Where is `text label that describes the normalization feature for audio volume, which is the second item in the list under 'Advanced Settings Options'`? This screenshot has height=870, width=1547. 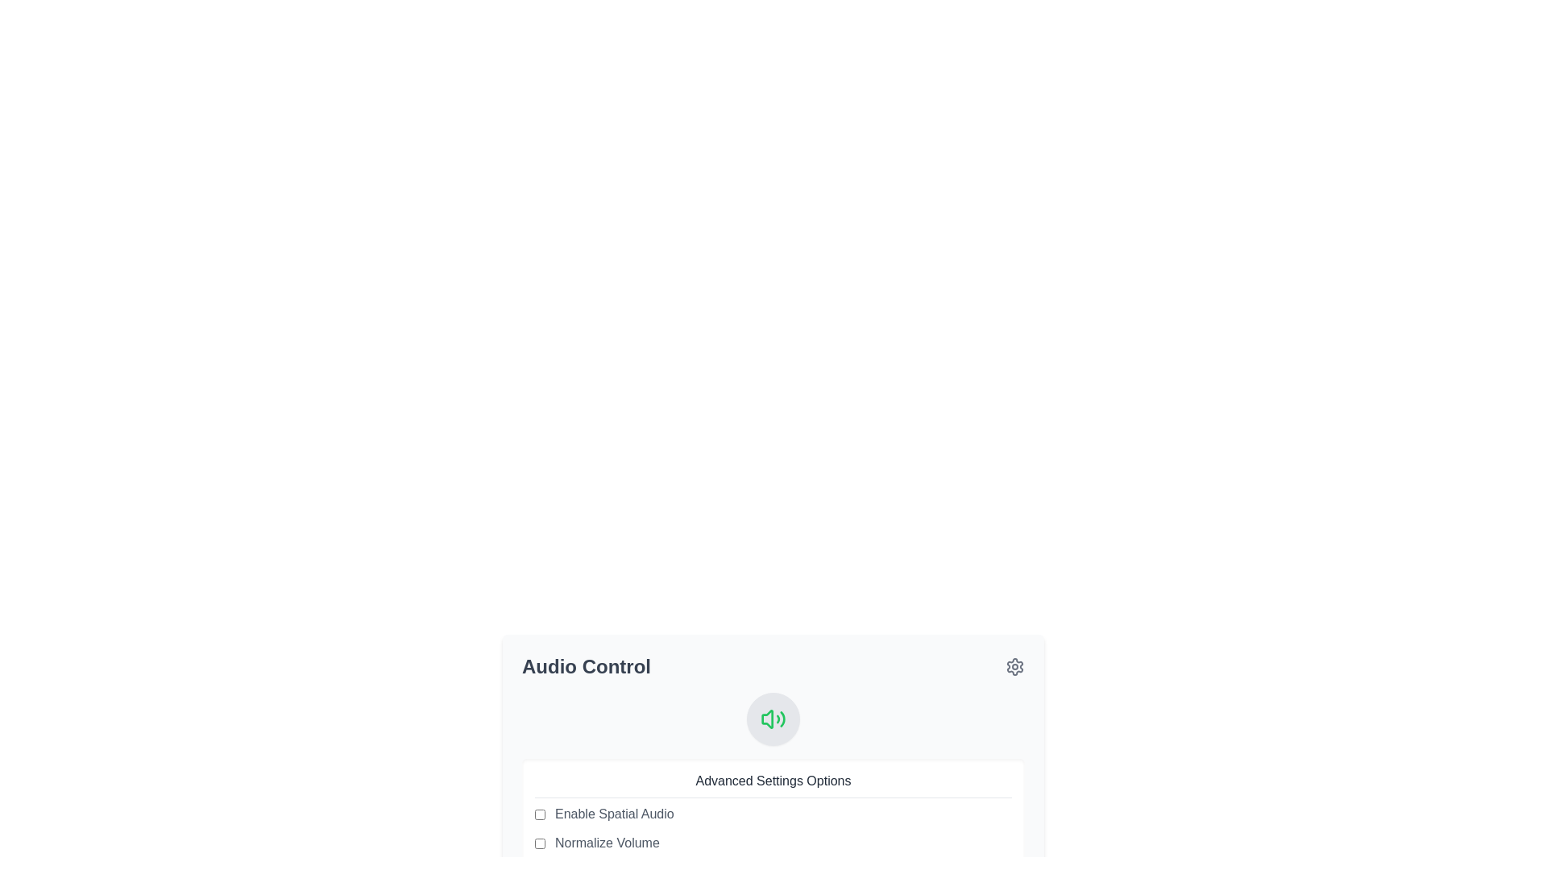 text label that describes the normalization feature for audio volume, which is the second item in the list under 'Advanced Settings Options' is located at coordinates (606, 842).